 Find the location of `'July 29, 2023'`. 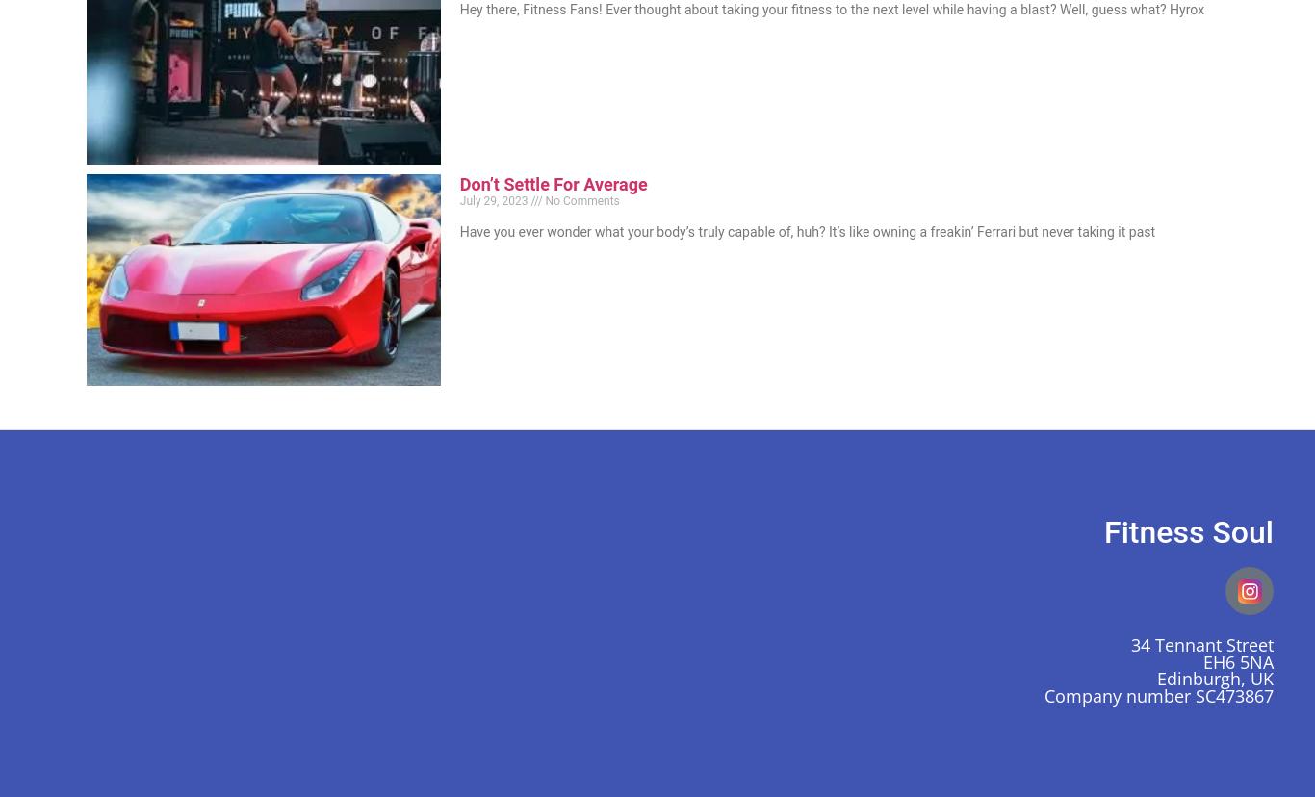

'July 29, 2023' is located at coordinates (495, 200).